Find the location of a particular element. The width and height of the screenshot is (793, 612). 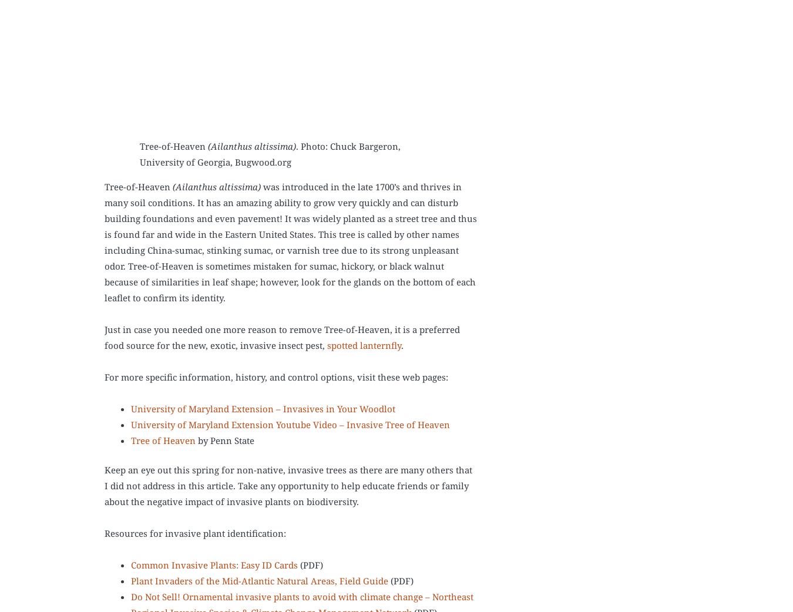

'Tree of Heaven' is located at coordinates (162, 440).